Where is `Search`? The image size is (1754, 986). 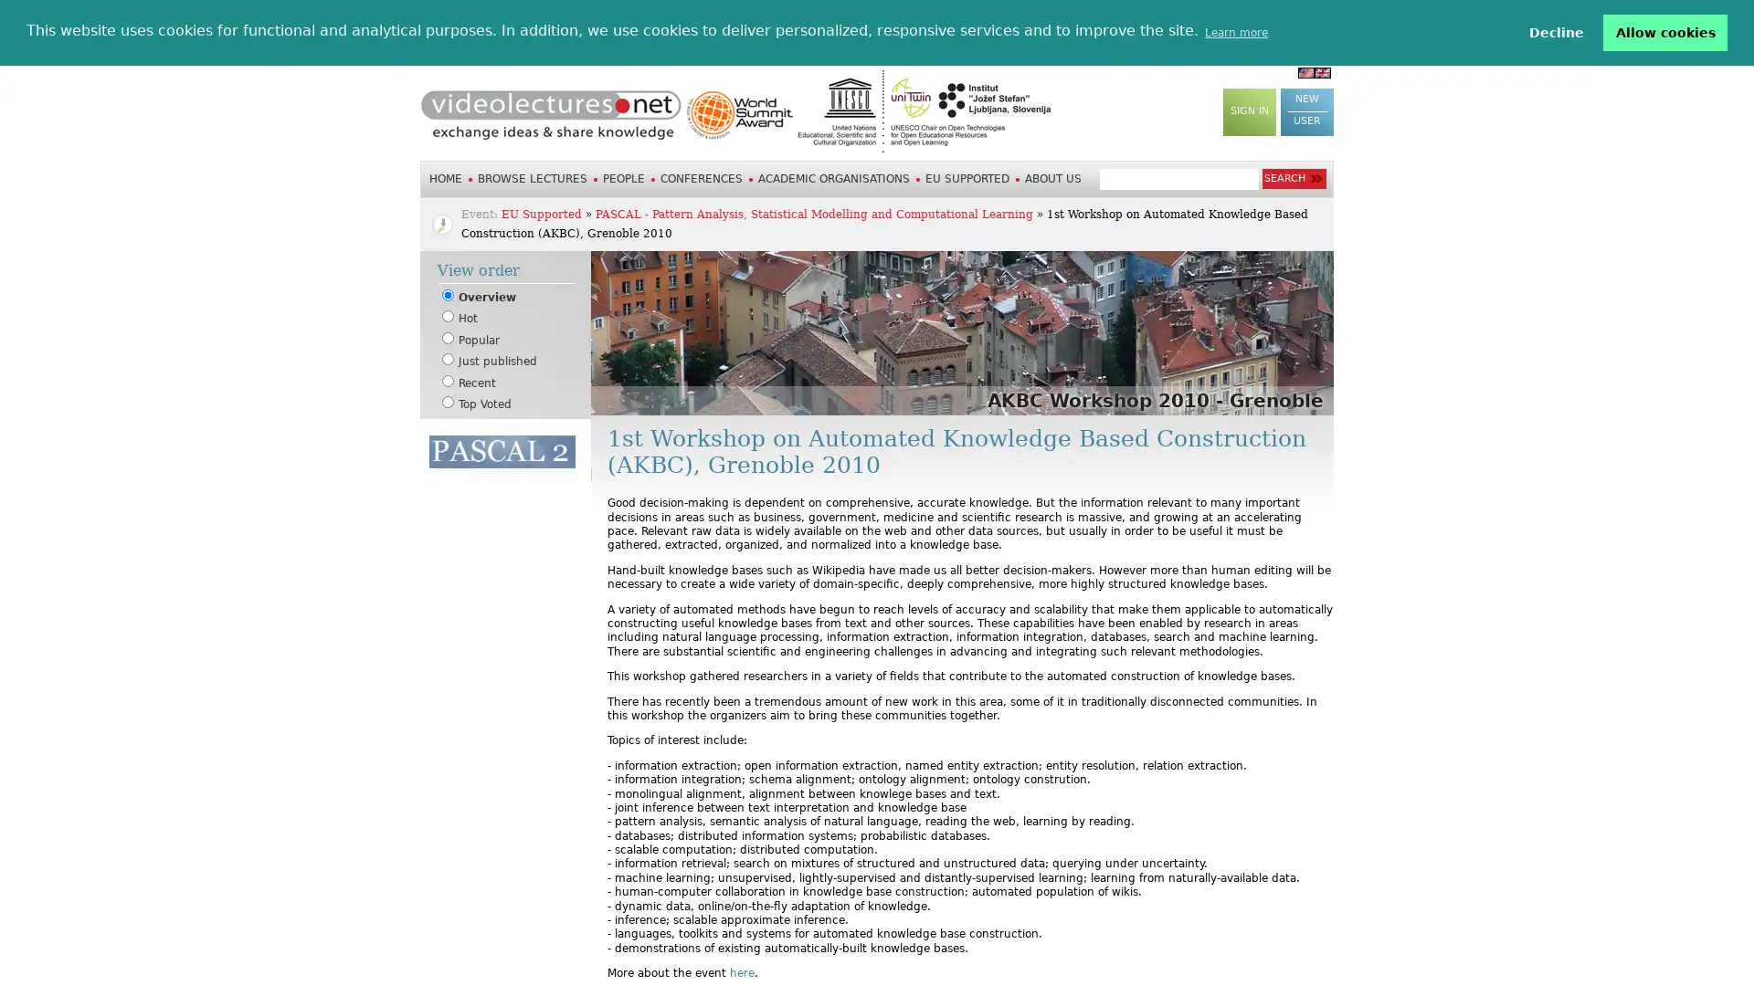
Search is located at coordinates (1293, 178).